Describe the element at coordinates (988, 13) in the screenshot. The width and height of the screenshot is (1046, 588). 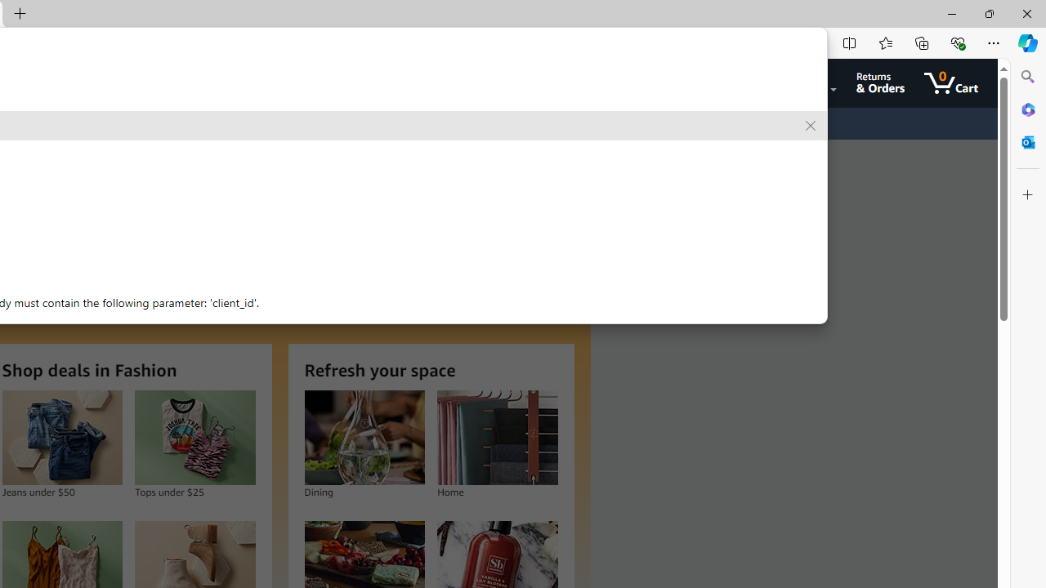
I see `'Restore'` at that location.